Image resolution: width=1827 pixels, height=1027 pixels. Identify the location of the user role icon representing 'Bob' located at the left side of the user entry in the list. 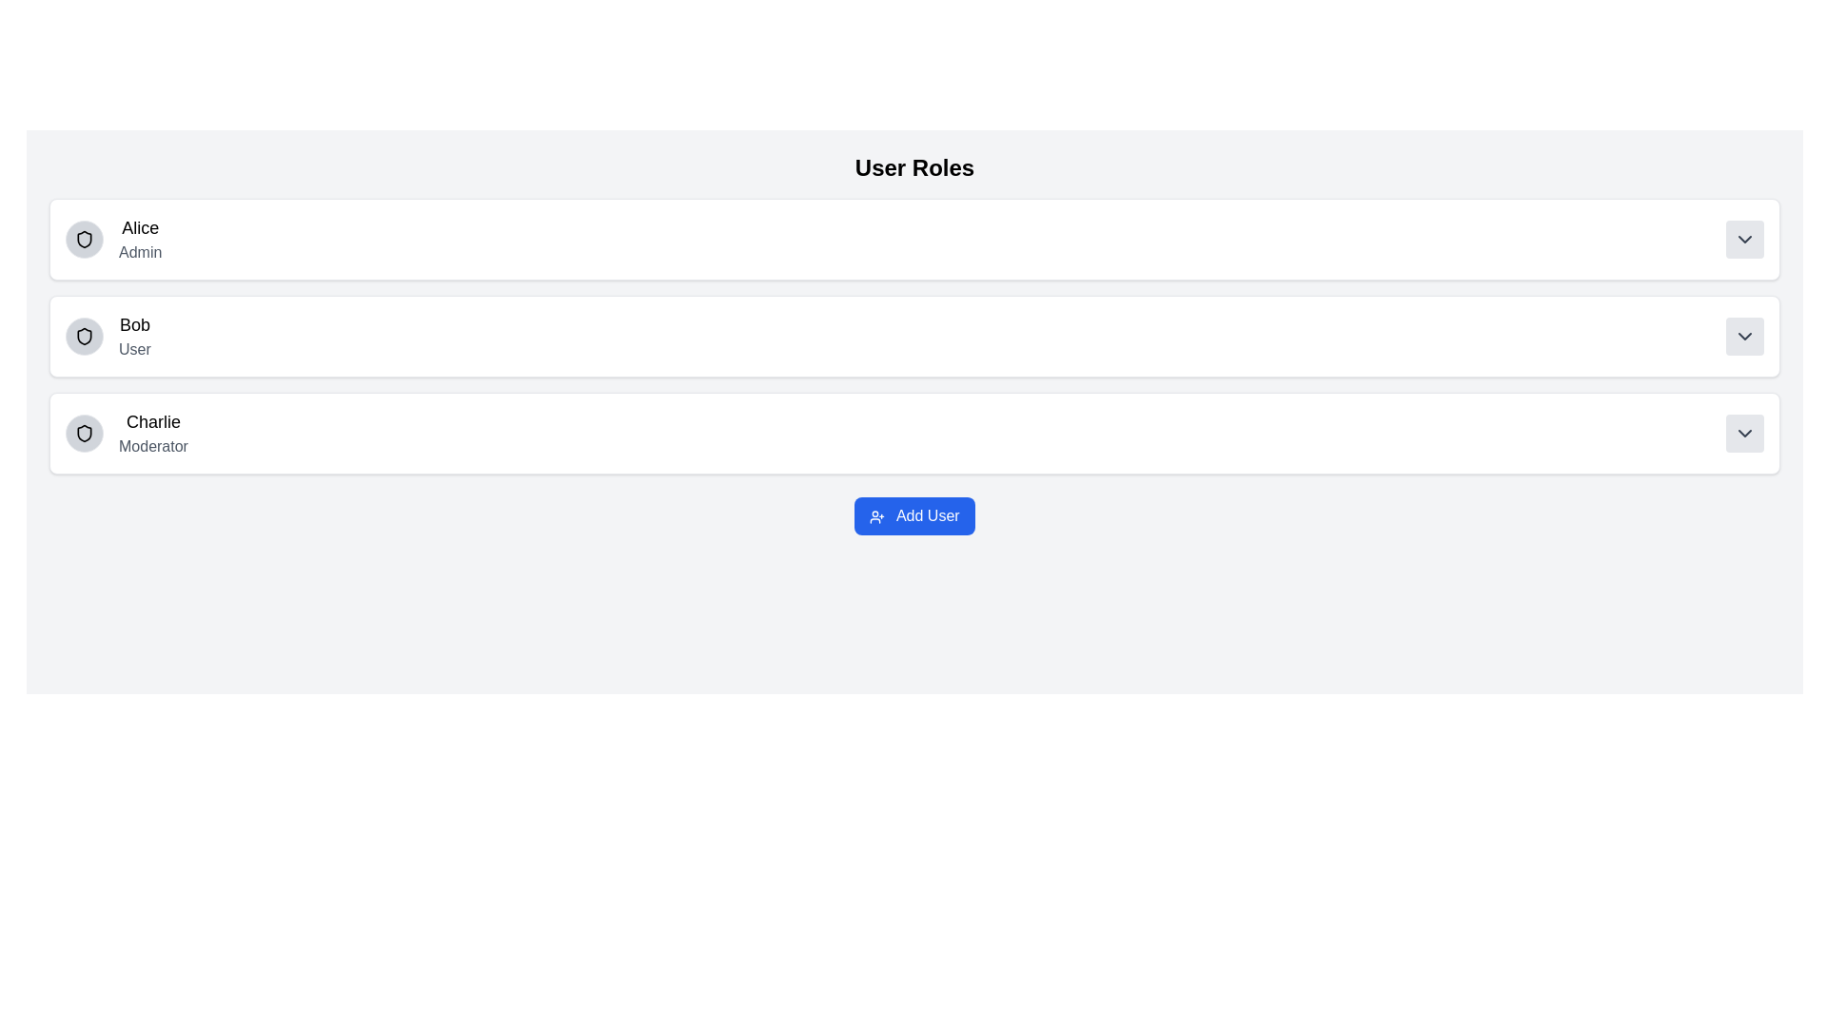
(84, 336).